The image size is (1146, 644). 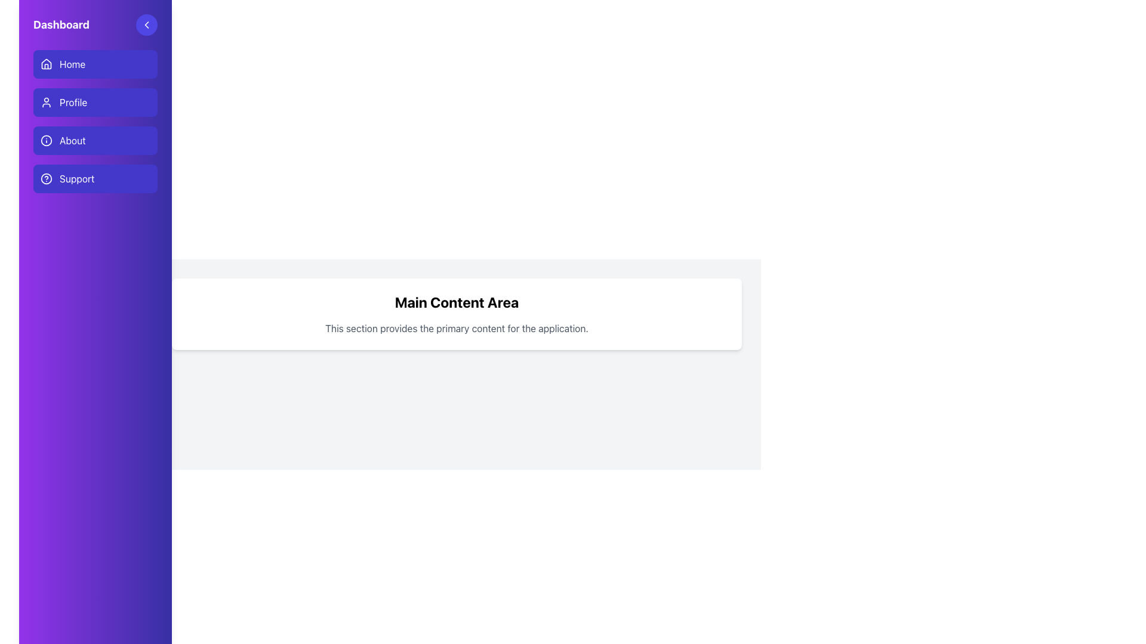 I want to click on text from the header label located in the upper-left corner of the sidebar, which indicates the current section of the interface, so click(x=61, y=25).